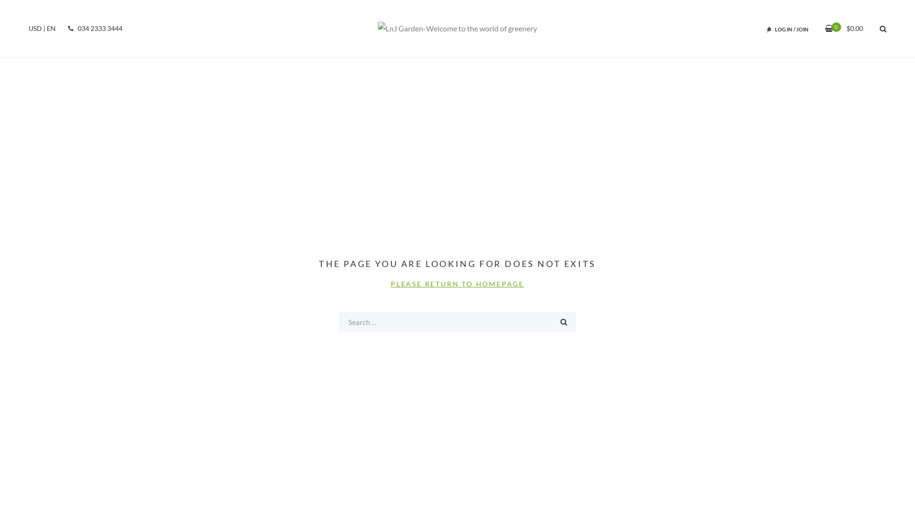 The height and width of the screenshot is (514, 915). Describe the element at coordinates (563, 321) in the screenshot. I see `'Search'` at that location.